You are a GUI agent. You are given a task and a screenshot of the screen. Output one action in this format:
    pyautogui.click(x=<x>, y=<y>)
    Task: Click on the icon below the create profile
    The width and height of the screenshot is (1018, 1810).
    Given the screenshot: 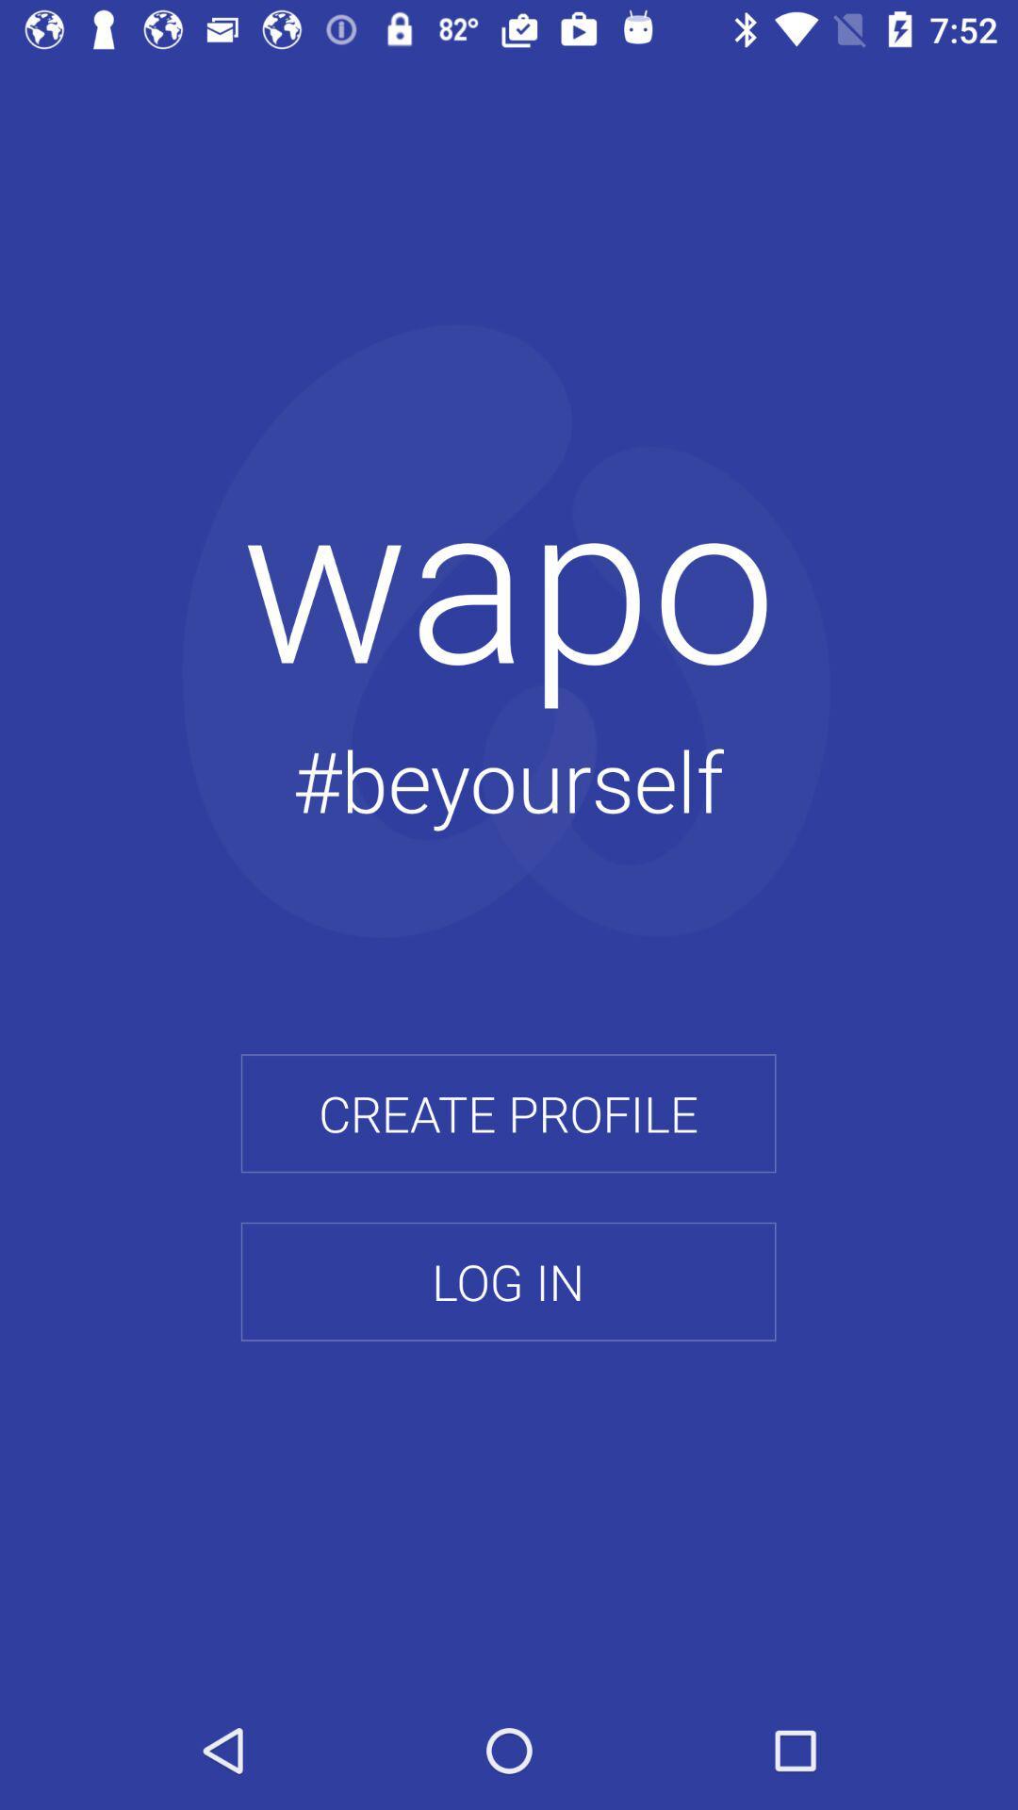 What is the action you would take?
    pyautogui.click(x=507, y=1281)
    